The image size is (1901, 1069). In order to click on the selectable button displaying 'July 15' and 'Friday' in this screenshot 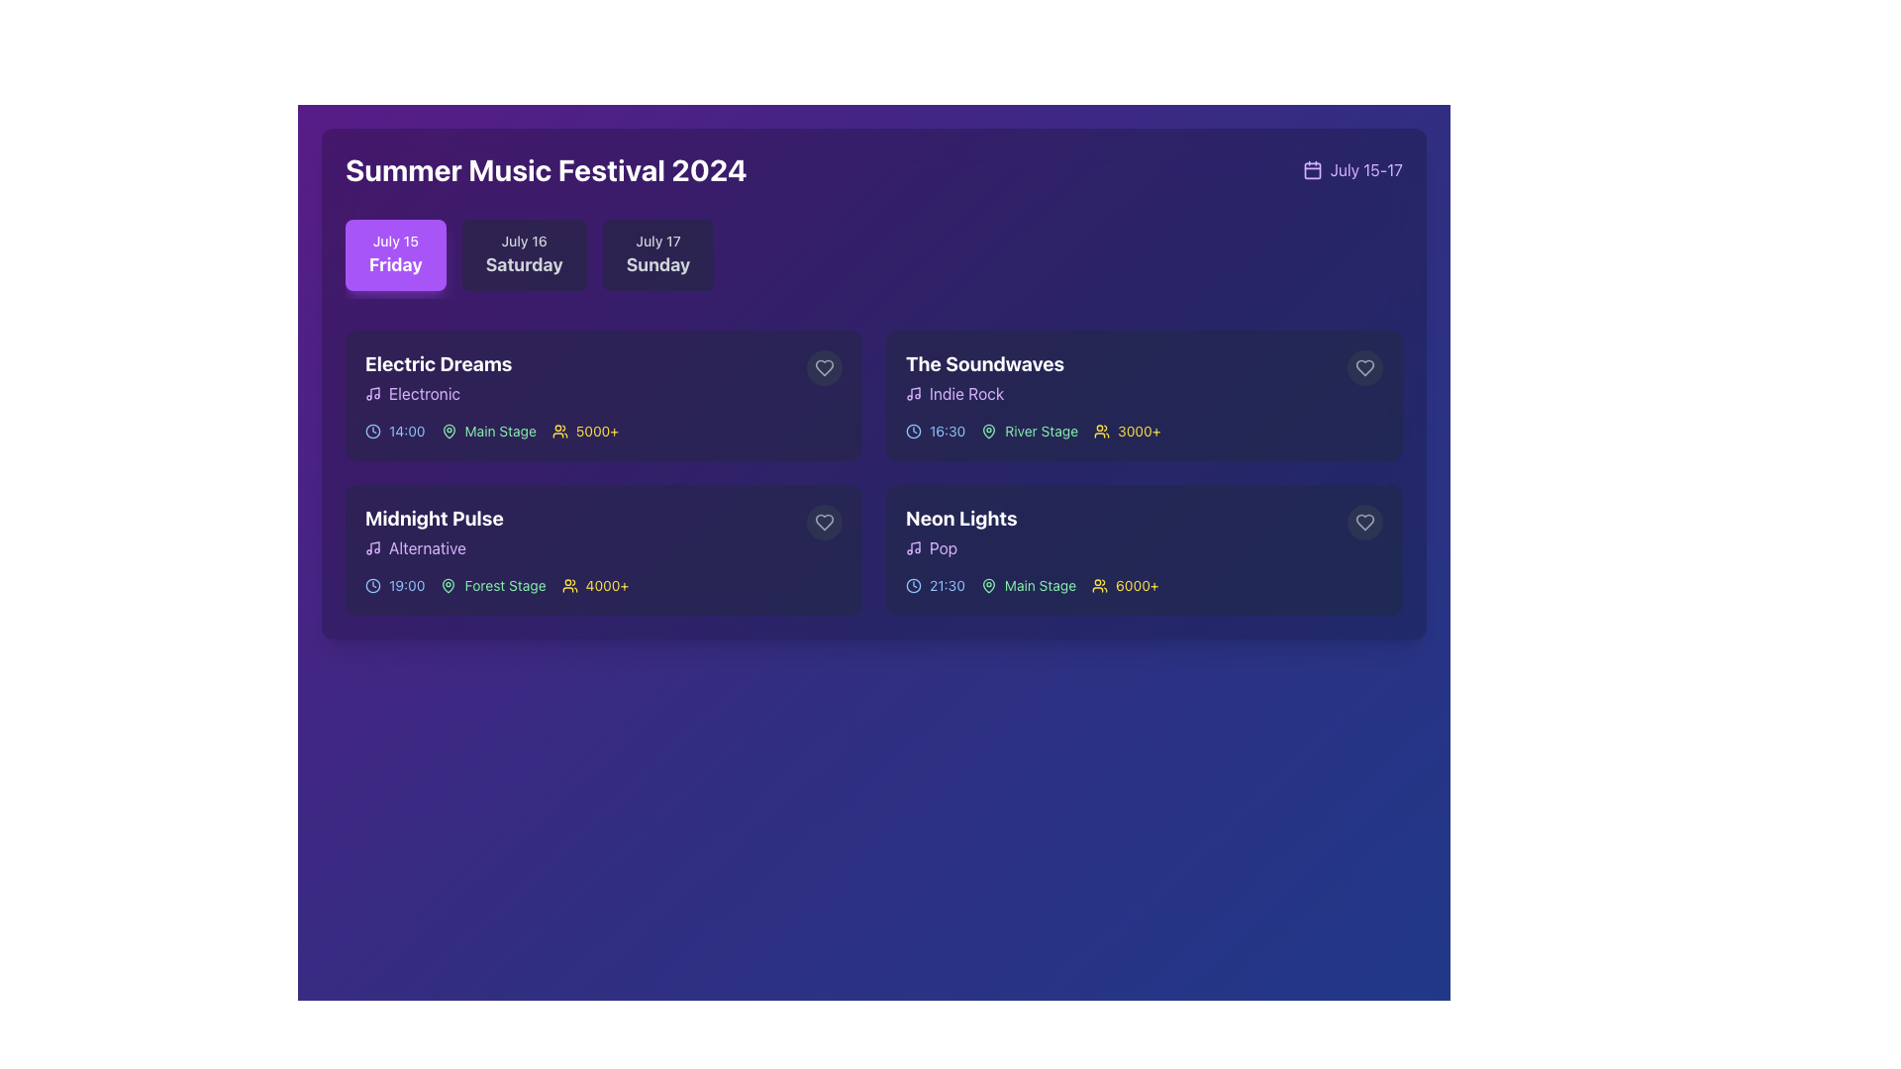, I will do `click(395, 254)`.